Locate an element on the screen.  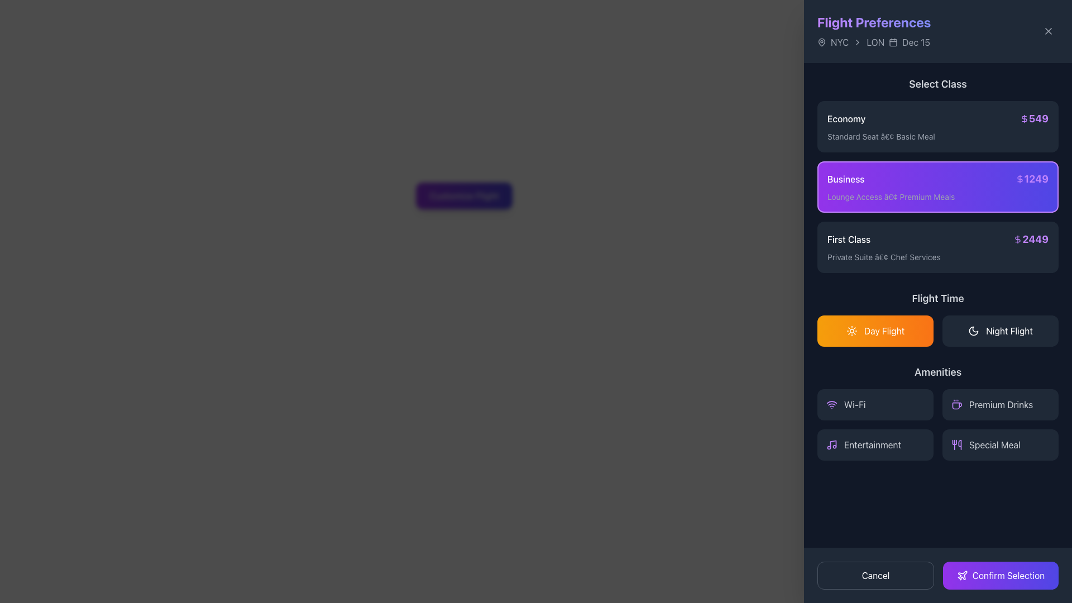
the 'Day Flight' button is located at coordinates (875, 331).